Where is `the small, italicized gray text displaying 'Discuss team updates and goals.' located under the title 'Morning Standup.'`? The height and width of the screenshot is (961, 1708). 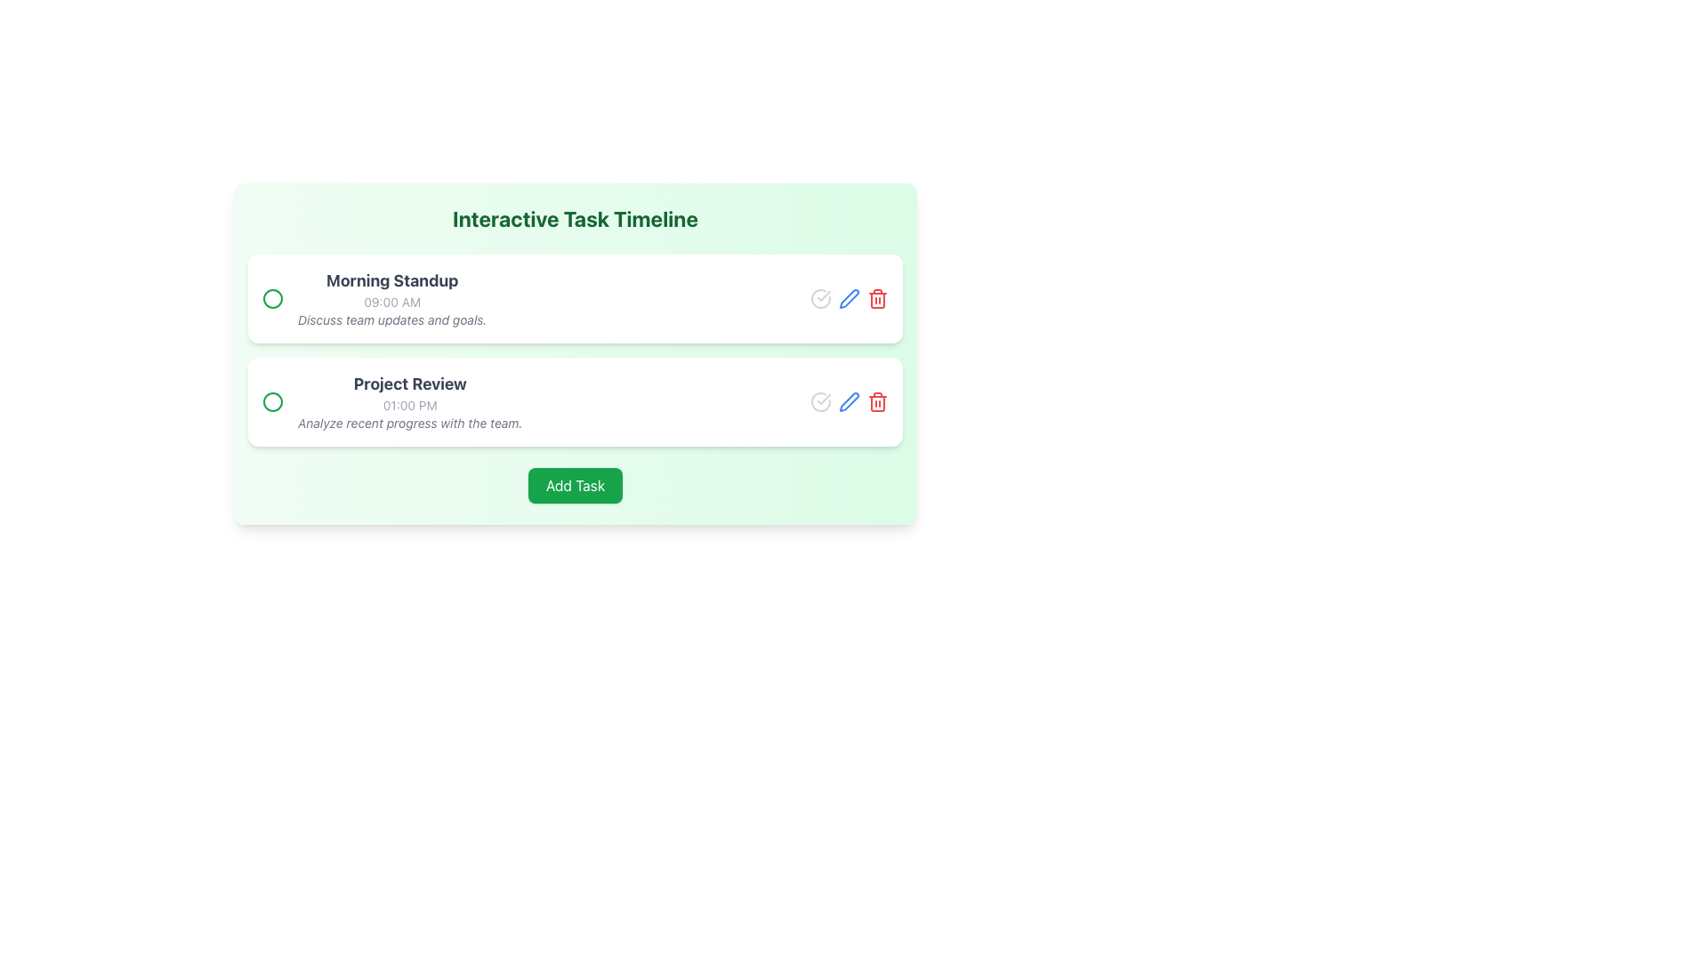
the small, italicized gray text displaying 'Discuss team updates and goals.' located under the title 'Morning Standup.' is located at coordinates (391, 319).